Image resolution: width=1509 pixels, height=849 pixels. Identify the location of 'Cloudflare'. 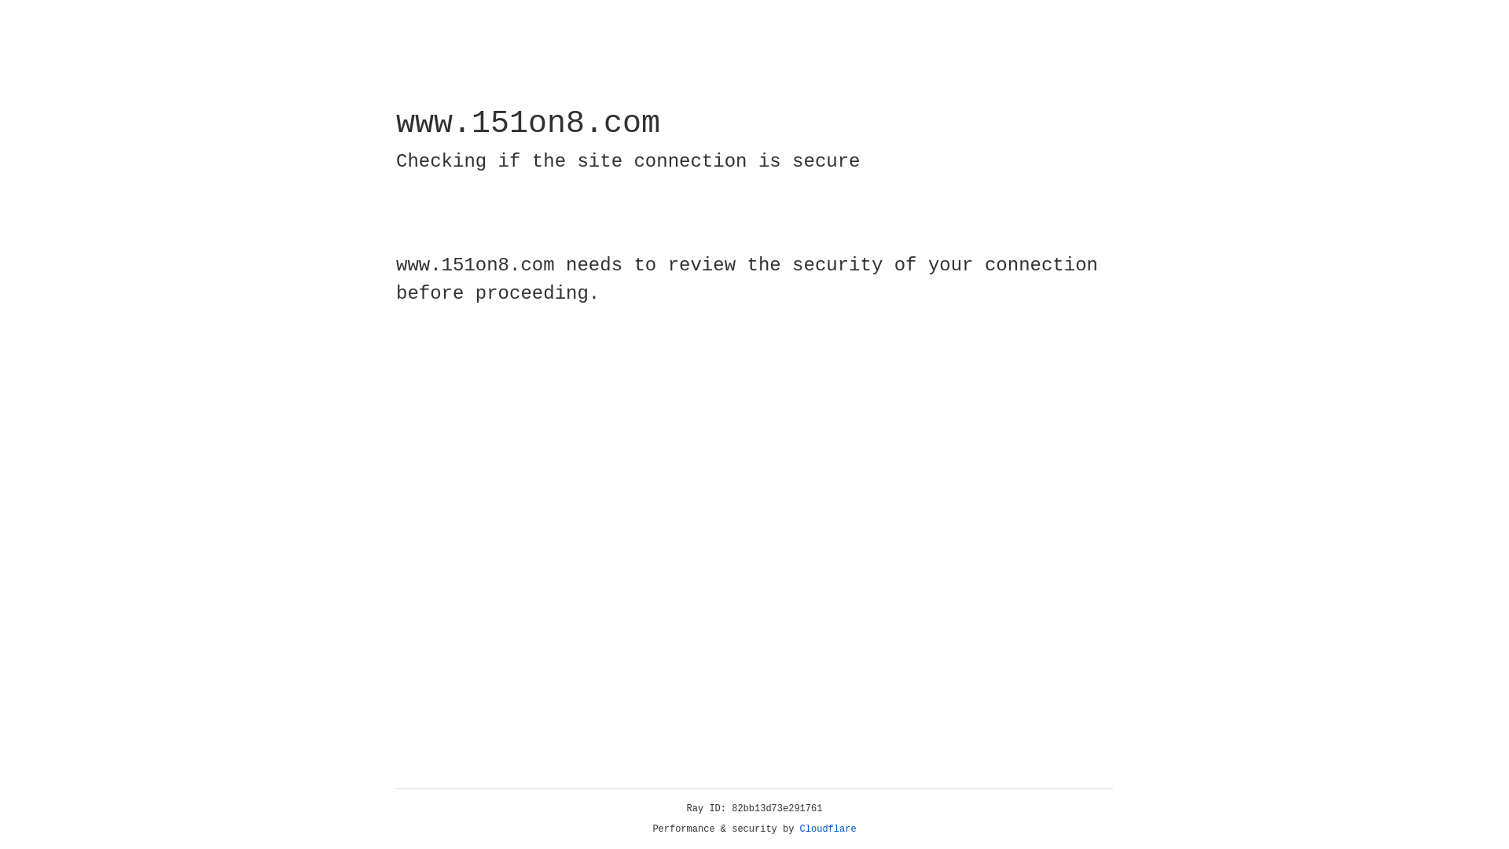
(828, 829).